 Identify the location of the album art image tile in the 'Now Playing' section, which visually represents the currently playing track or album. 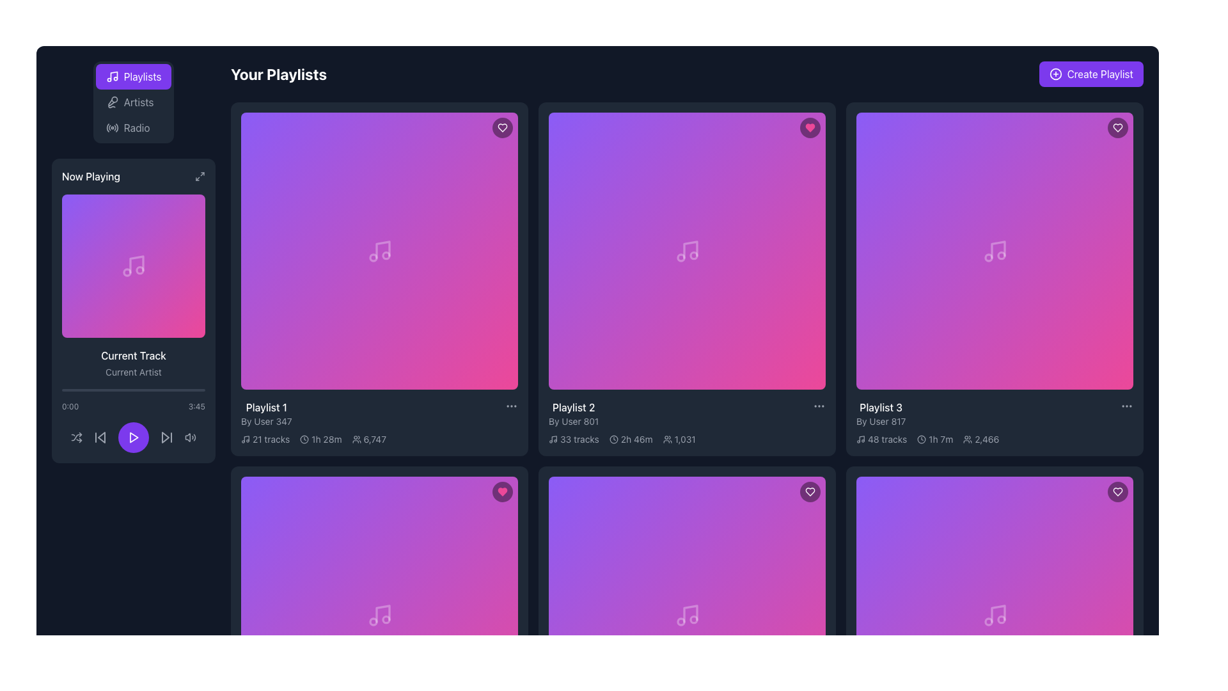
(134, 266).